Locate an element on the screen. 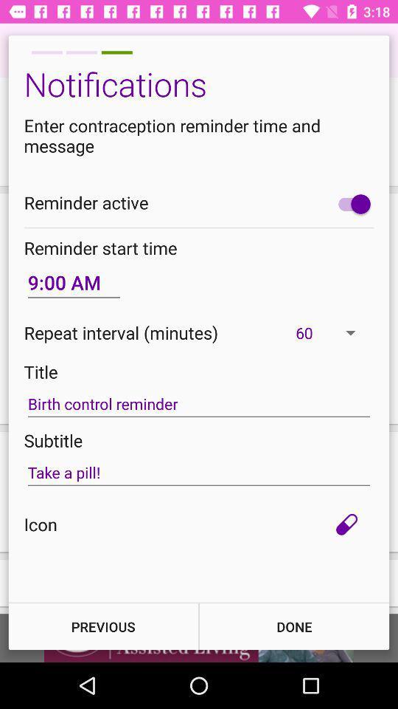  item next to the reminder active is located at coordinates (350, 203).